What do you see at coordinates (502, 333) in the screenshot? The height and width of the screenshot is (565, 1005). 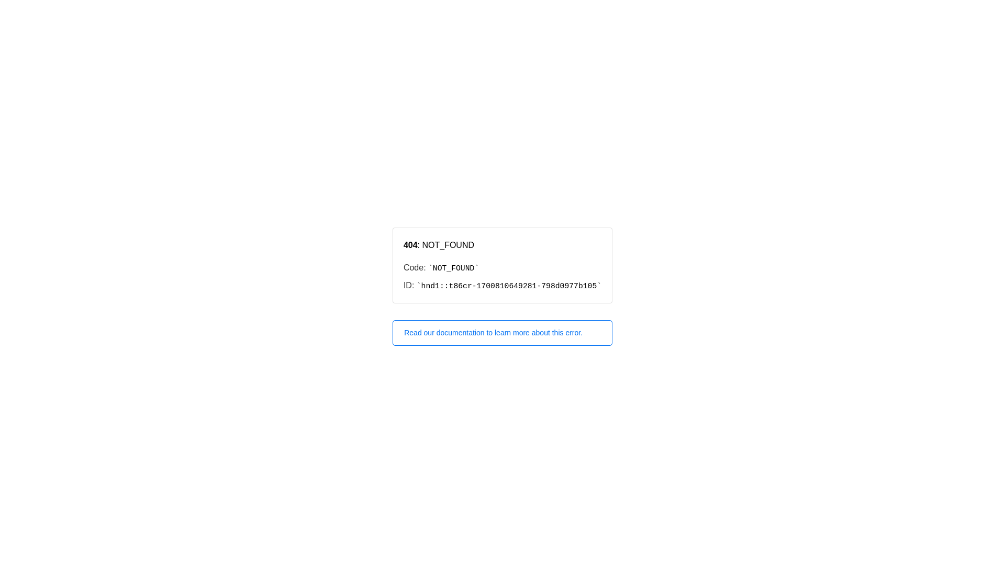 I see `'Read our documentation to learn more about this error.'` at bounding box center [502, 333].